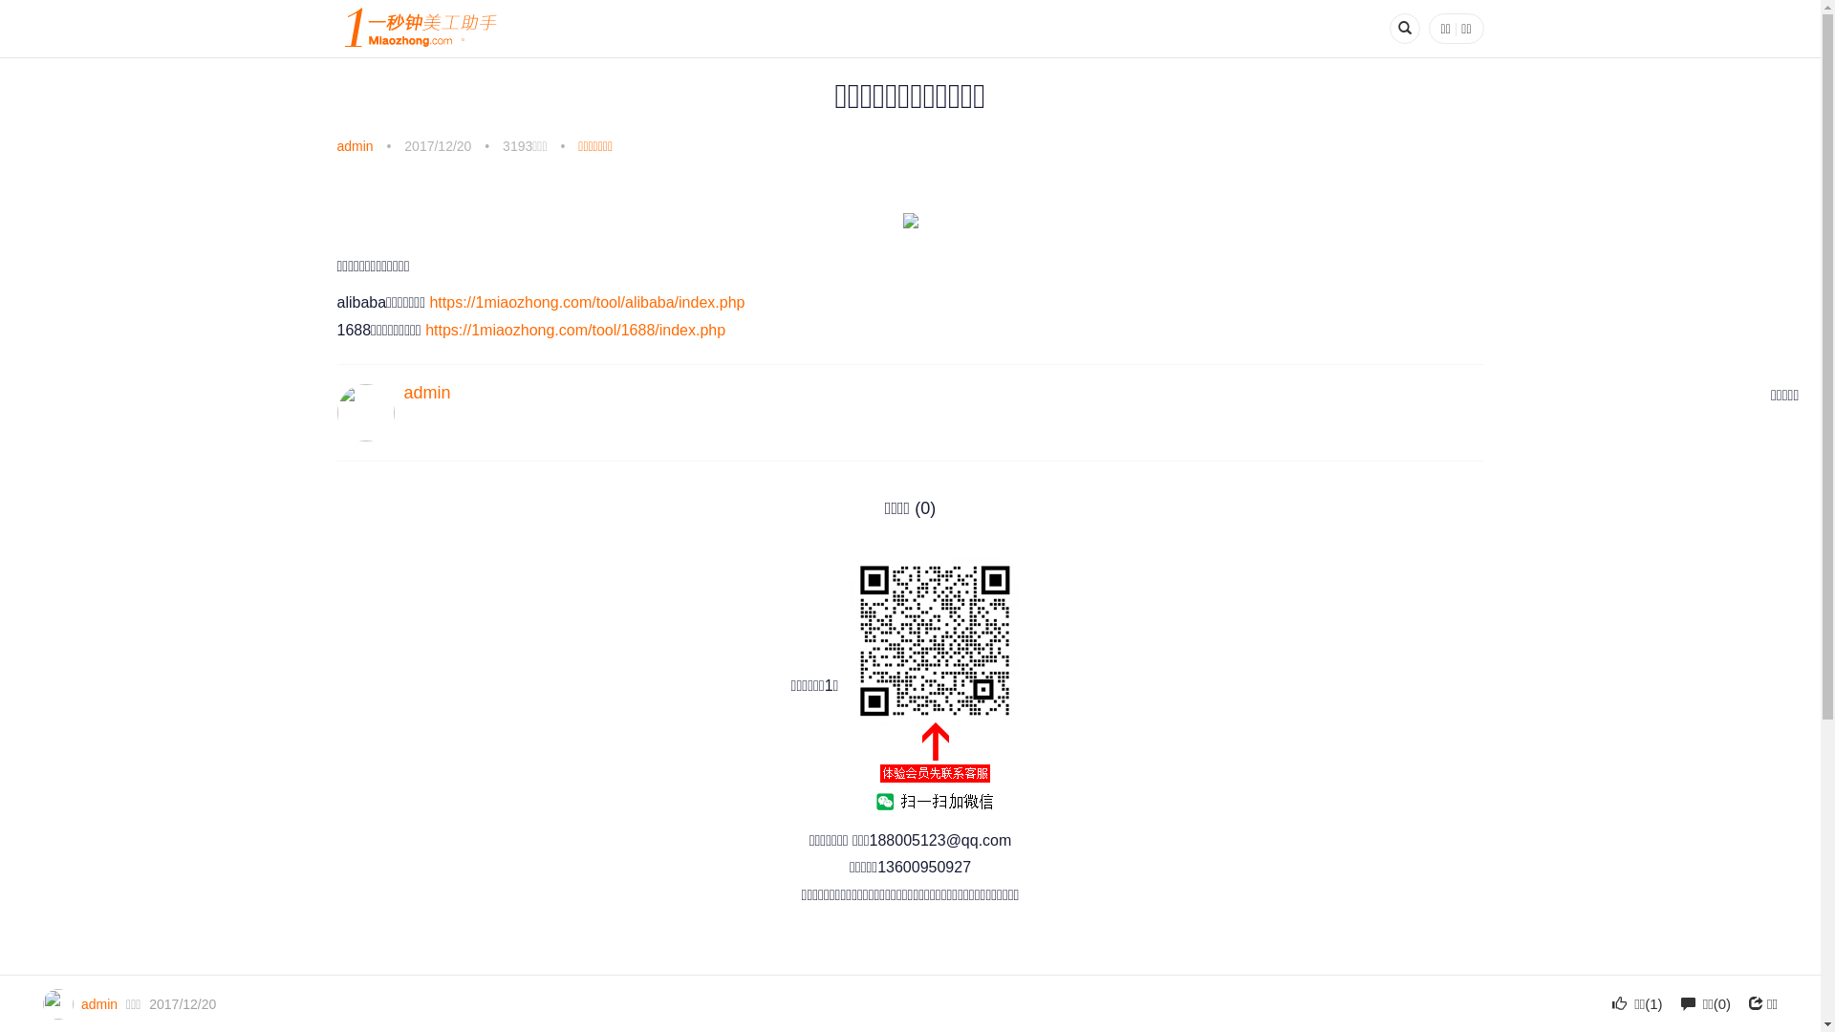  Describe the element at coordinates (573, 329) in the screenshot. I see `'https://1miaozhong.com/tool/1688/index.php'` at that location.